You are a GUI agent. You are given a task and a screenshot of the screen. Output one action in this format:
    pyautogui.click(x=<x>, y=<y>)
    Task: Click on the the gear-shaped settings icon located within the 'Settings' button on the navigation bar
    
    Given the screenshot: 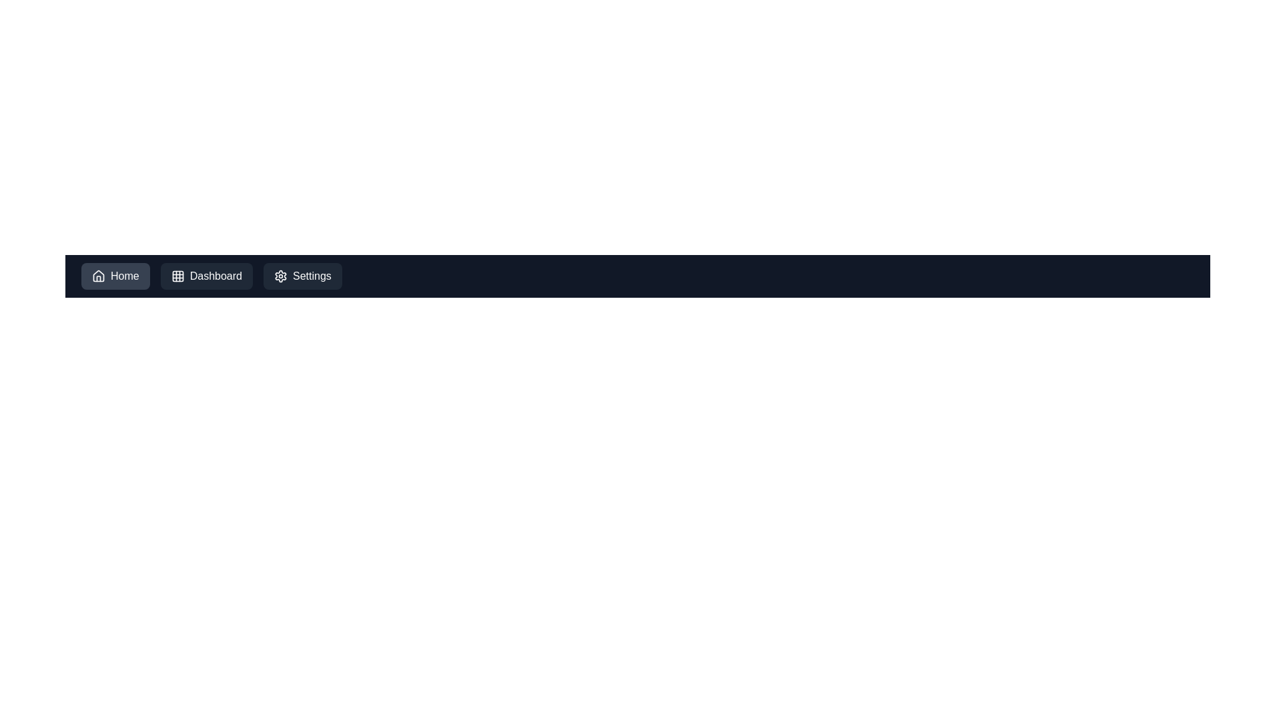 What is the action you would take?
    pyautogui.click(x=280, y=275)
    